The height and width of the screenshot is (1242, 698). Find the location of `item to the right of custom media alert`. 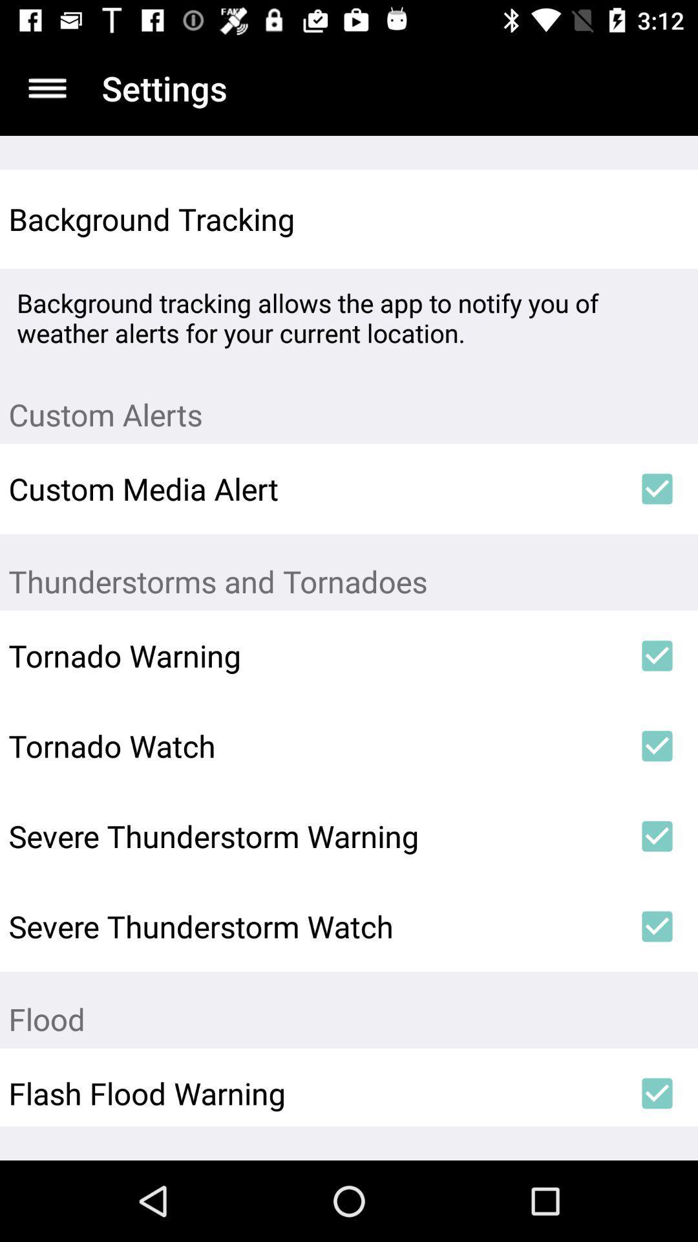

item to the right of custom media alert is located at coordinates (657, 488).